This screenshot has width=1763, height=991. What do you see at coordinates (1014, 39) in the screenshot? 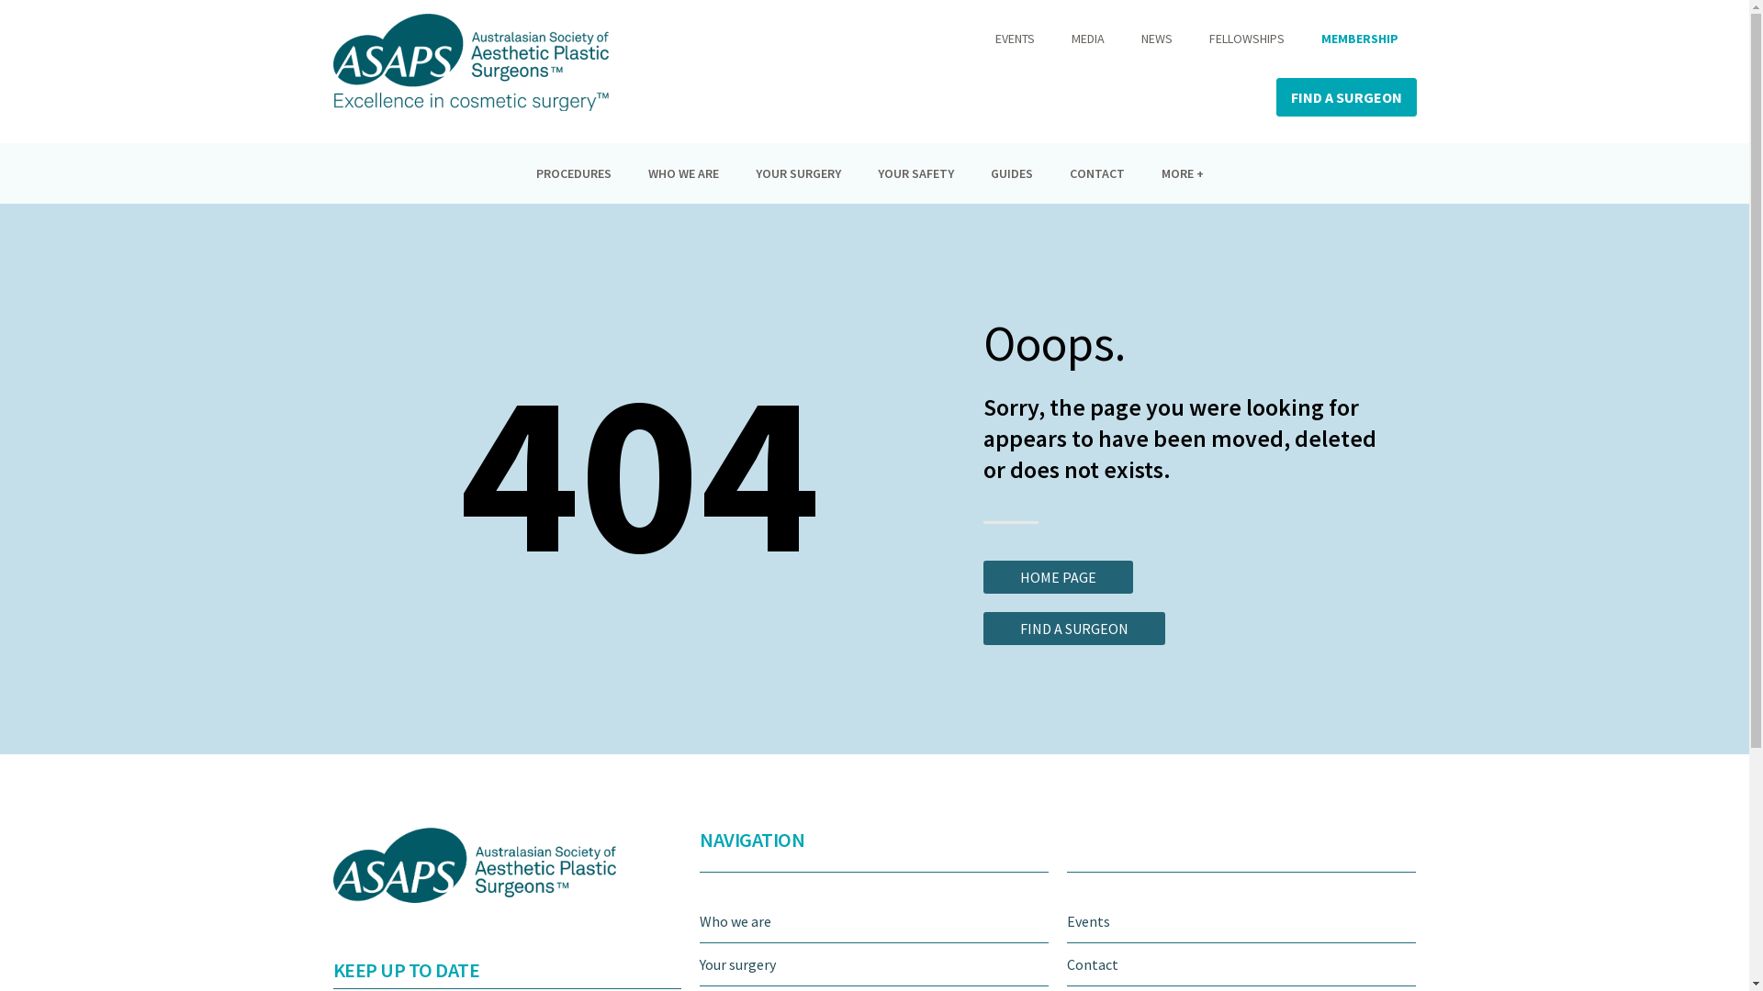
I see `'EVENTS'` at bounding box center [1014, 39].